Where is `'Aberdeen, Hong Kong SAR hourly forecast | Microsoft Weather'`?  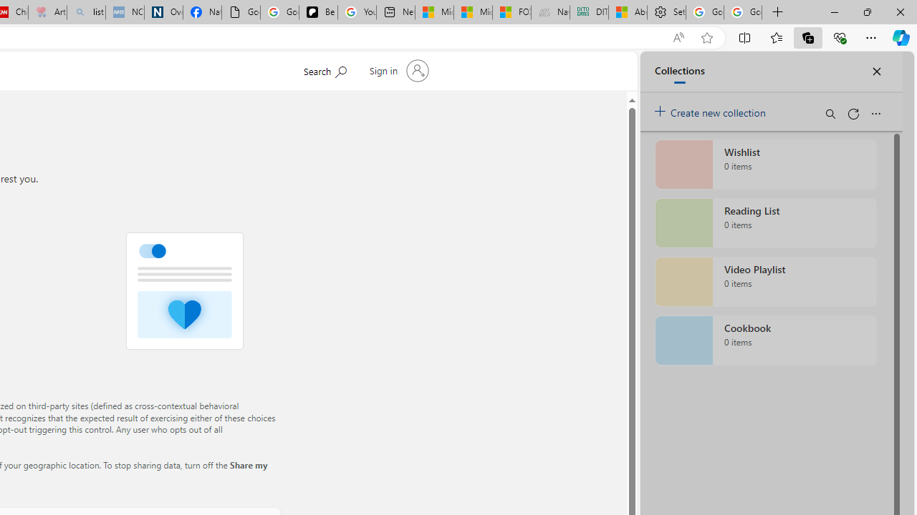
'Aberdeen, Hong Kong SAR hourly forecast | Microsoft Weather' is located at coordinates (628, 12).